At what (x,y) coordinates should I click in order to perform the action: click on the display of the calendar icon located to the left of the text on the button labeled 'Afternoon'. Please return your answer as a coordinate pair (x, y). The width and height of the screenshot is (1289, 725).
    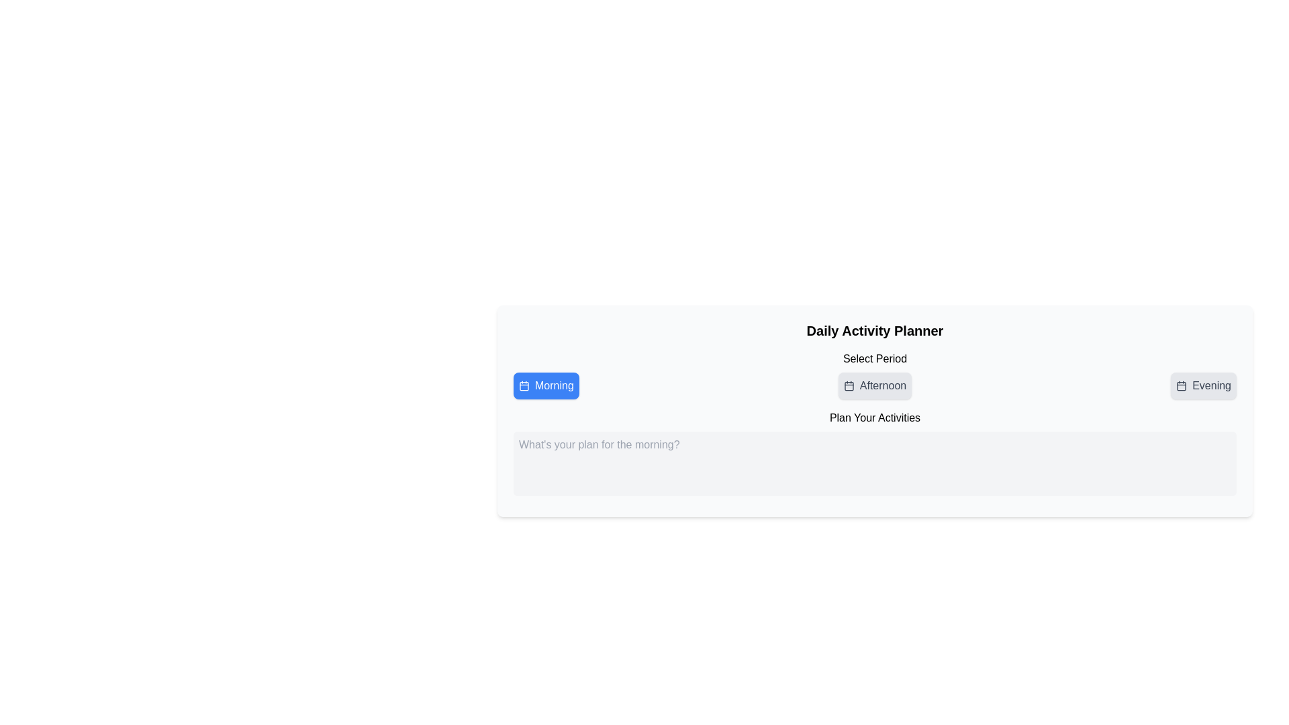
    Looking at the image, I should click on (848, 385).